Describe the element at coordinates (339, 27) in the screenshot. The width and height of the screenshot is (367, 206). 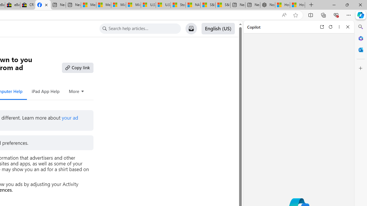
I see `'More options'` at that location.